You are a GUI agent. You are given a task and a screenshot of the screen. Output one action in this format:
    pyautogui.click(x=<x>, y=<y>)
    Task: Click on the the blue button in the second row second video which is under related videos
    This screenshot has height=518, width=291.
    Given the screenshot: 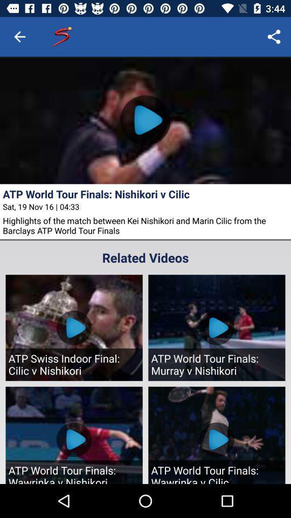 What is the action you would take?
    pyautogui.click(x=216, y=440)
    